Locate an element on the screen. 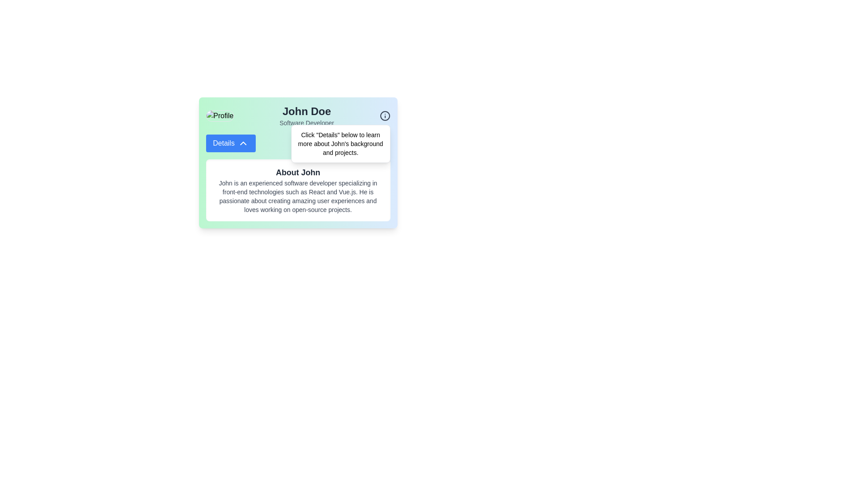  the text component displaying the word 'Details', which is styled in white font on a blue background, located within a button under the 'John Doe' user profile card is located at coordinates (223, 143).